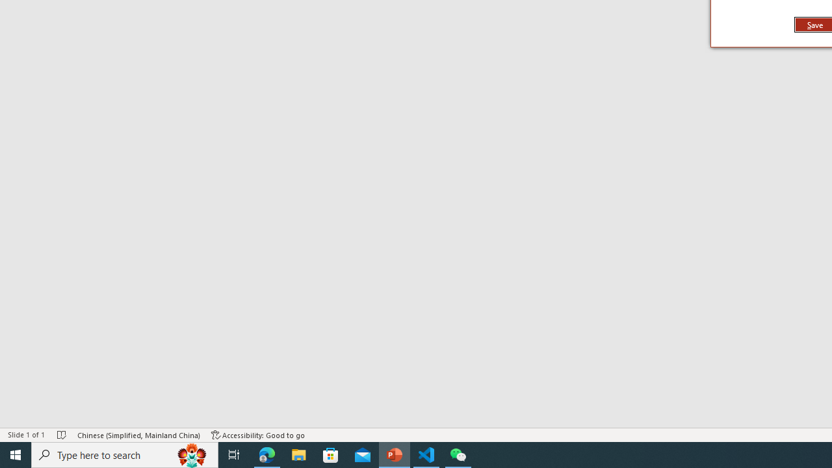  I want to click on 'Accessibility Checker Accessibility: Good to go', so click(258, 435).